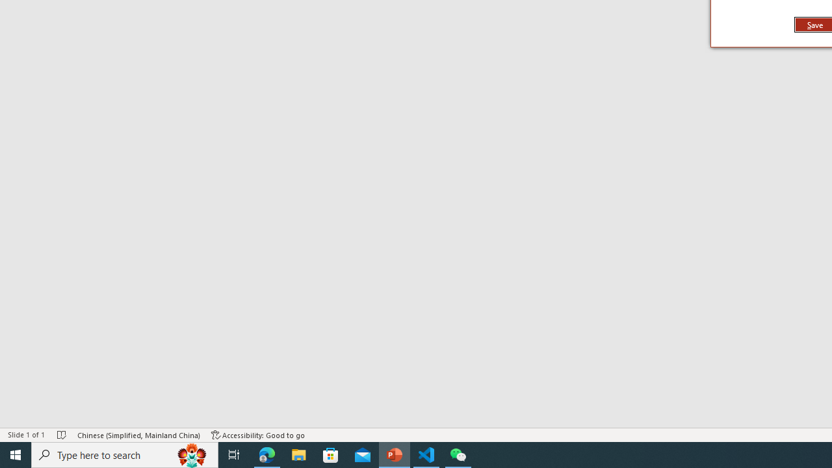  I want to click on 'Accessibility Checker Accessibility: Good to go', so click(258, 435).